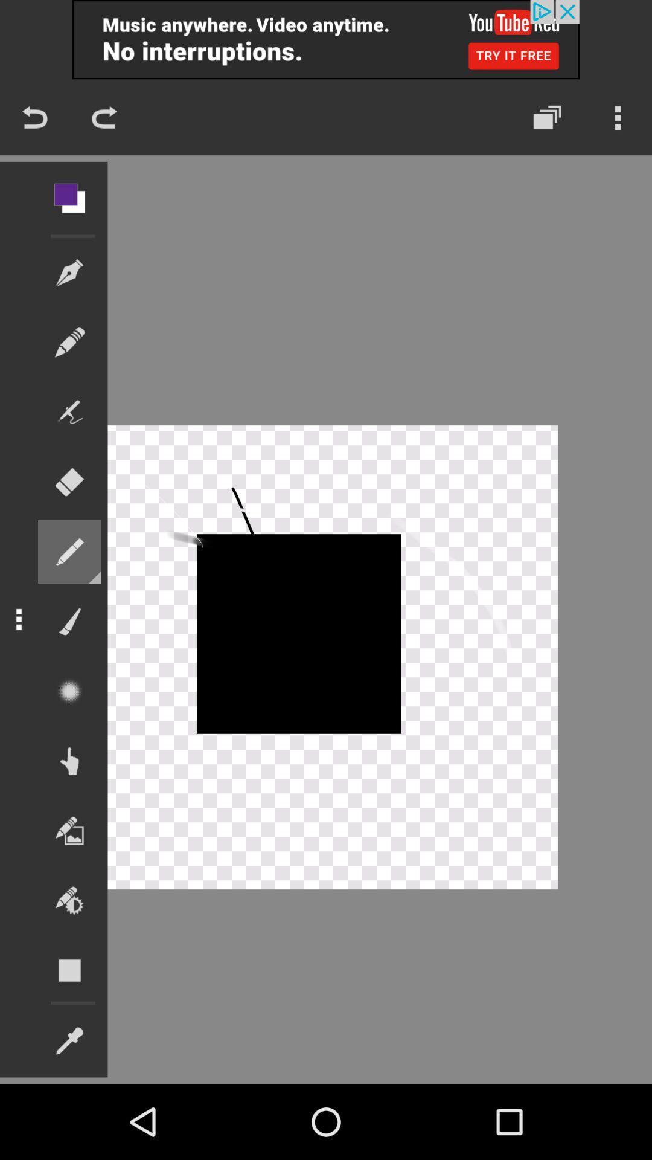 The height and width of the screenshot is (1160, 652). Describe the element at coordinates (69, 1040) in the screenshot. I see `the edit icon` at that location.